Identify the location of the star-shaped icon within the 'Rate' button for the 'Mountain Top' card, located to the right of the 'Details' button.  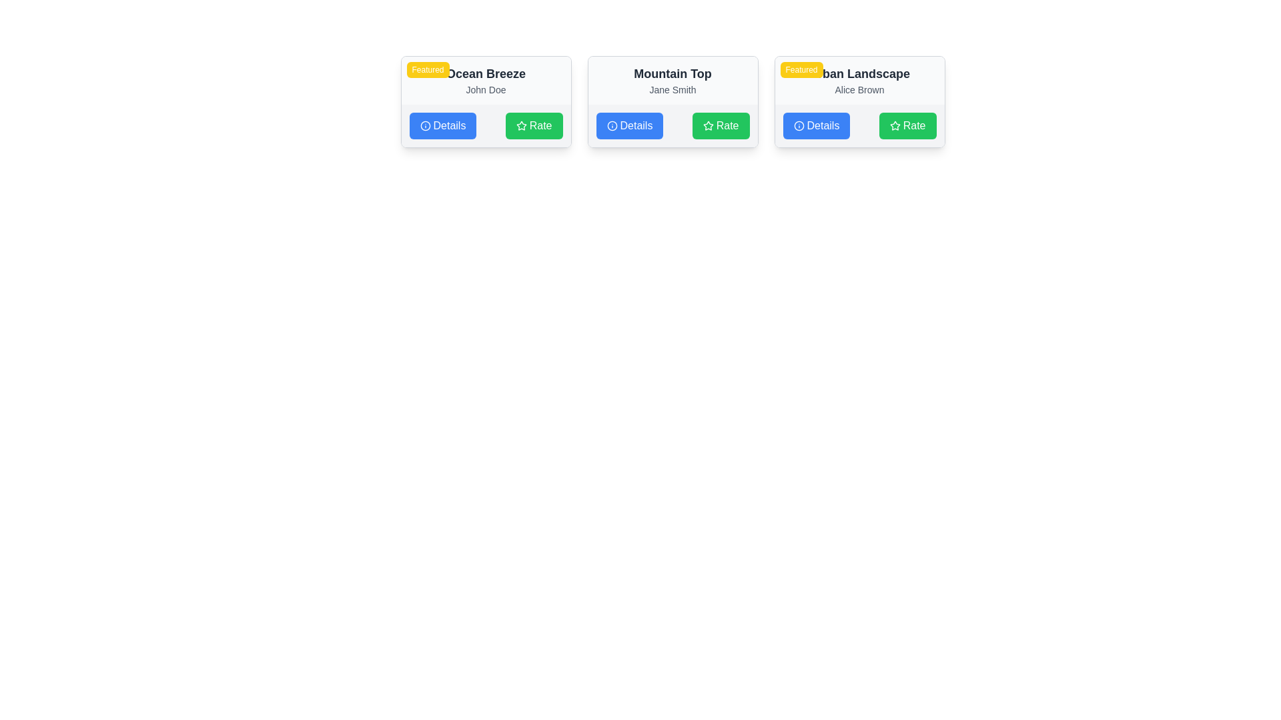
(707, 126).